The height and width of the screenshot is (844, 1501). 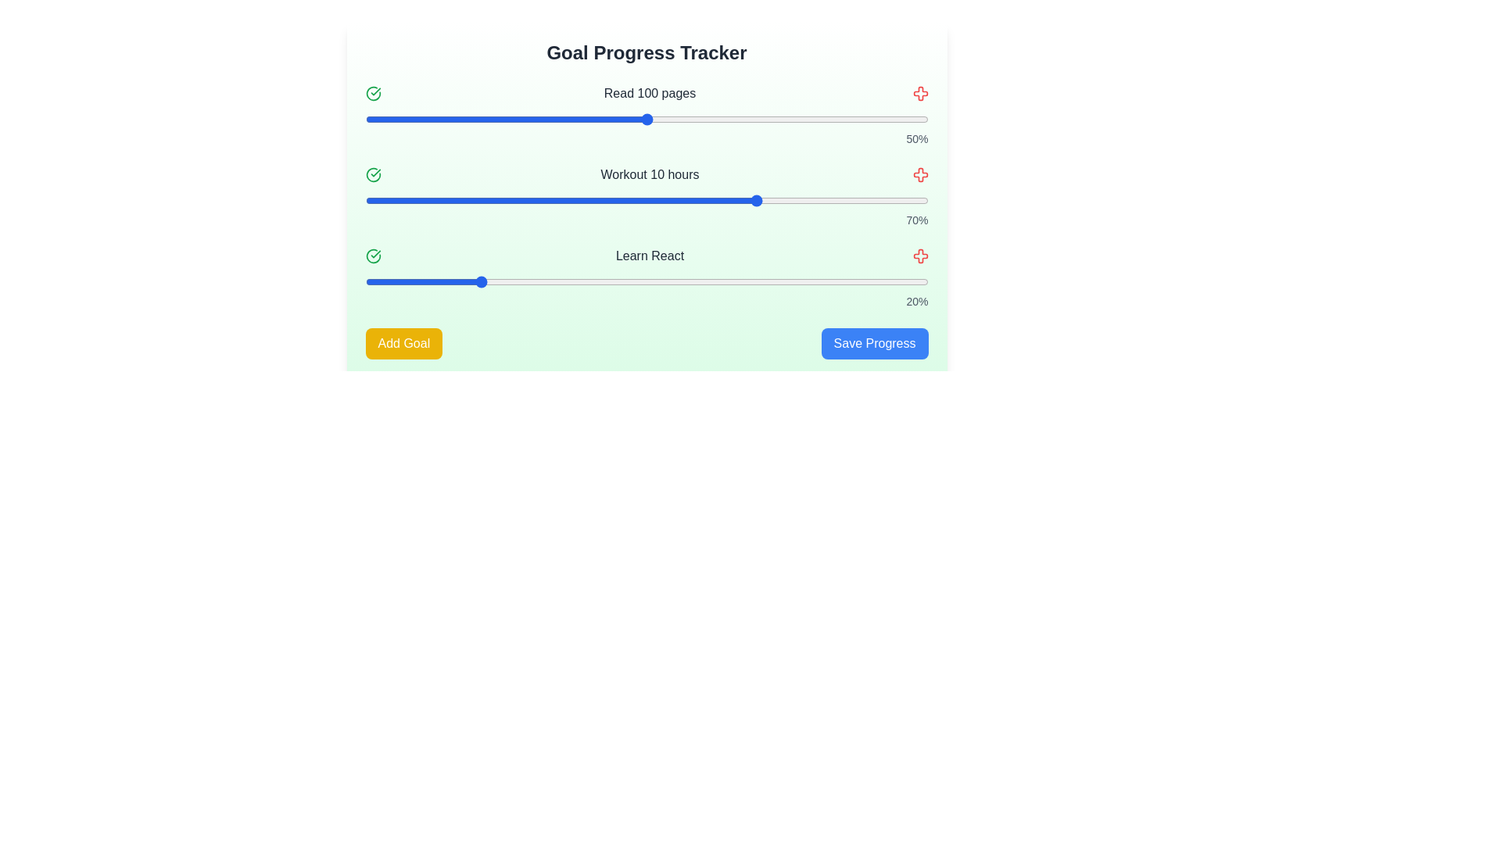 What do you see at coordinates (466, 119) in the screenshot?
I see `the progress slider for the goal 'Read 100 pages' to 18%` at bounding box center [466, 119].